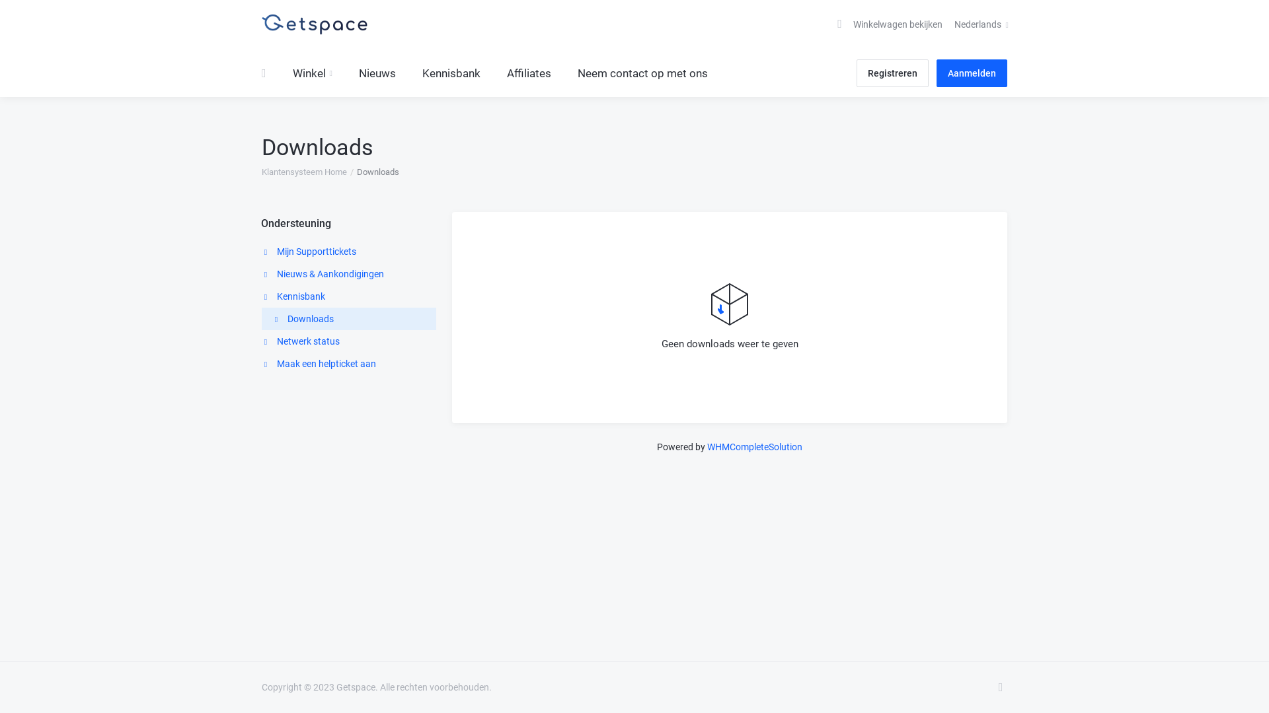 The height and width of the screenshot is (713, 1269). Describe the element at coordinates (888, 24) in the screenshot. I see `'Winkelwagen bekijken'` at that location.